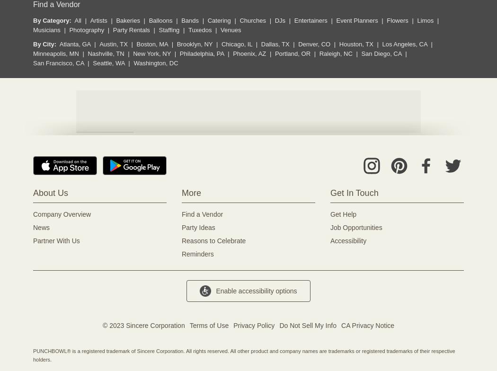  Describe the element at coordinates (191, 193) in the screenshot. I see `'More'` at that location.